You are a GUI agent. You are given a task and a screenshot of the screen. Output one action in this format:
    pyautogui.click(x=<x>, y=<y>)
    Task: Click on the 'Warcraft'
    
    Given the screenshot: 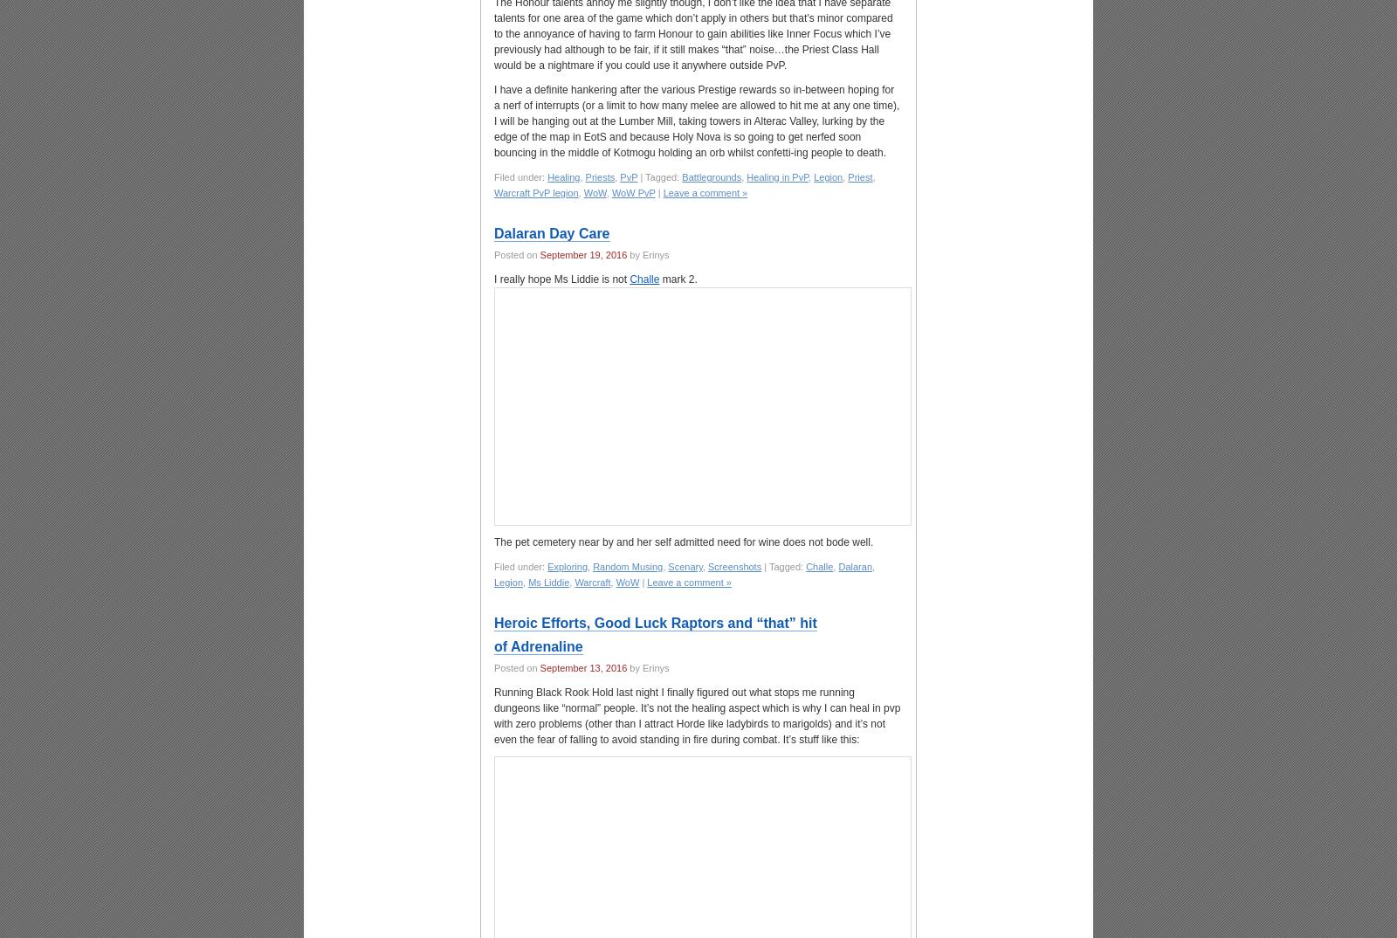 What is the action you would take?
    pyautogui.click(x=592, y=581)
    